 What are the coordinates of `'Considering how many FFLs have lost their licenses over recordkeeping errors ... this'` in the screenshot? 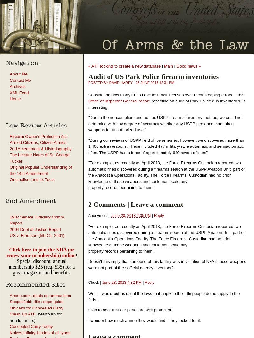 It's located at (166, 94).